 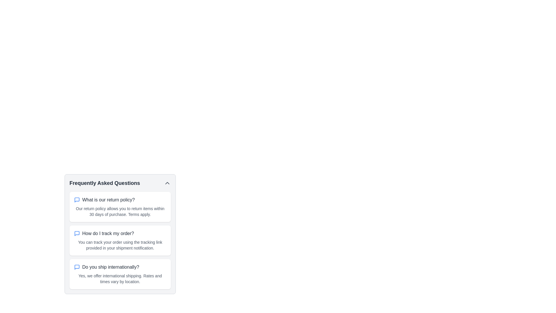 I want to click on the small blue speech bubble icon located to the left of the text 'What is our return policy?' in the Frequently Asked Questions section, so click(x=76, y=200).